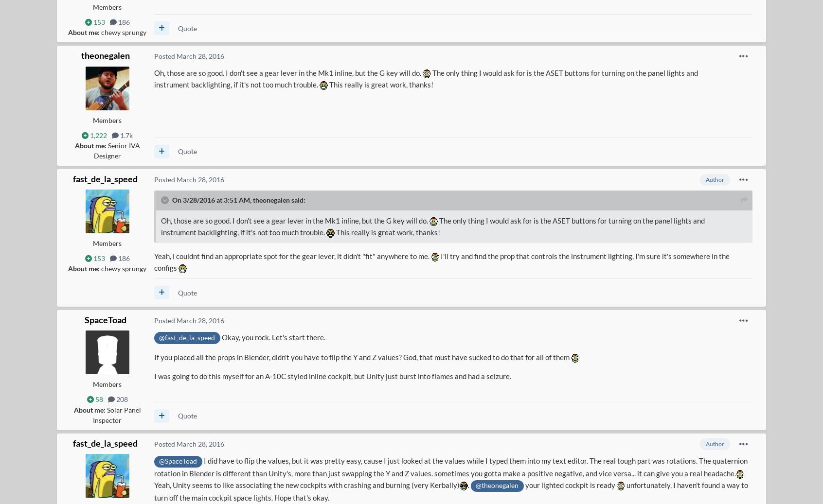 The image size is (823, 504). What do you see at coordinates (116, 415) in the screenshot?
I see `'Solar Panel Inspector'` at bounding box center [116, 415].